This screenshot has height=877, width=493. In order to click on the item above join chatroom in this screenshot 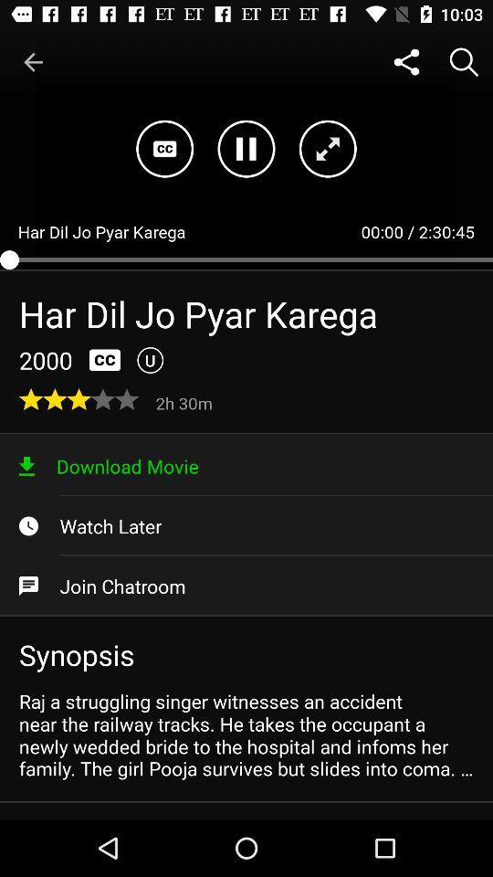, I will do `click(246, 526)`.